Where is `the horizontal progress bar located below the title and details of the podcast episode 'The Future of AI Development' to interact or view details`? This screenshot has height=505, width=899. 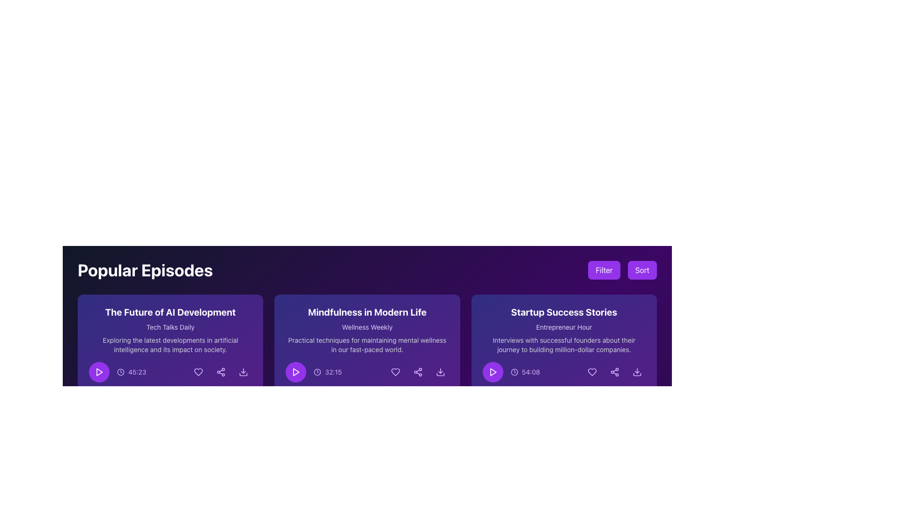 the horizontal progress bar located below the title and details of the podcast episode 'The Future of AI Development' to interact or view details is located at coordinates (170, 391).